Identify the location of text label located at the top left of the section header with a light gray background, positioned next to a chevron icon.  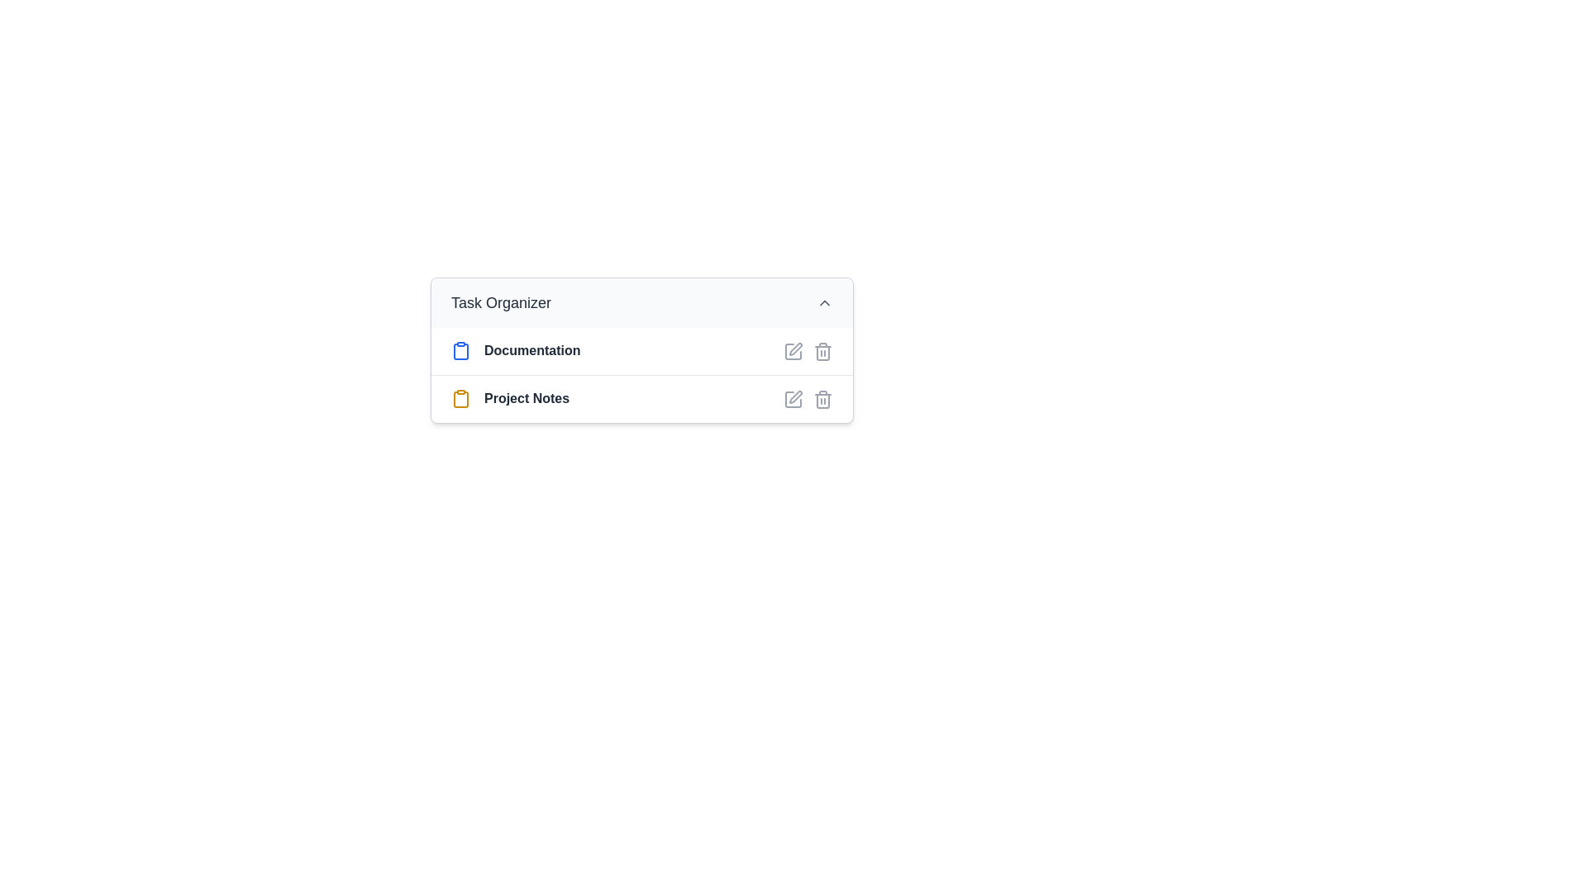
(500, 302).